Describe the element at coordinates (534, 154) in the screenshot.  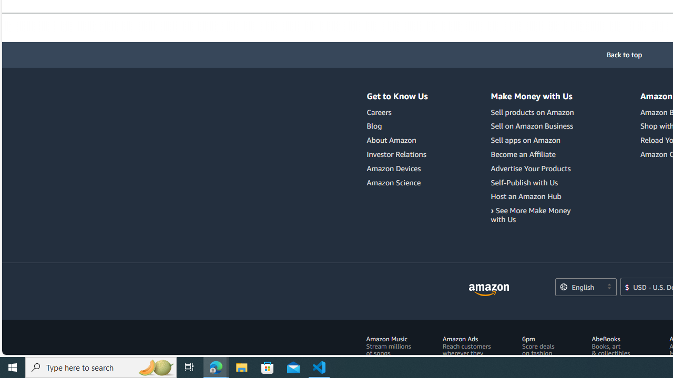
I see `'Become an Affiliate'` at that location.